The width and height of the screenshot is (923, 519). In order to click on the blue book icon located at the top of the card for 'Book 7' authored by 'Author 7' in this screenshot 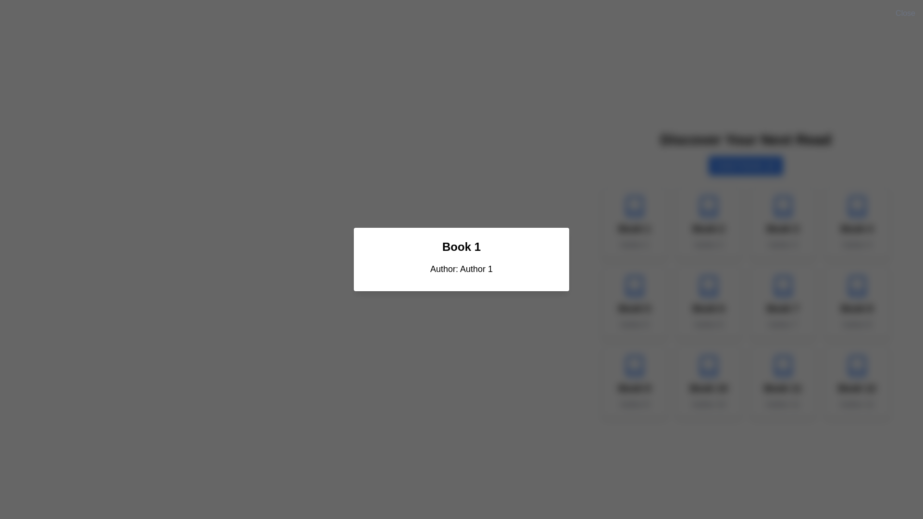, I will do `click(783, 286)`.